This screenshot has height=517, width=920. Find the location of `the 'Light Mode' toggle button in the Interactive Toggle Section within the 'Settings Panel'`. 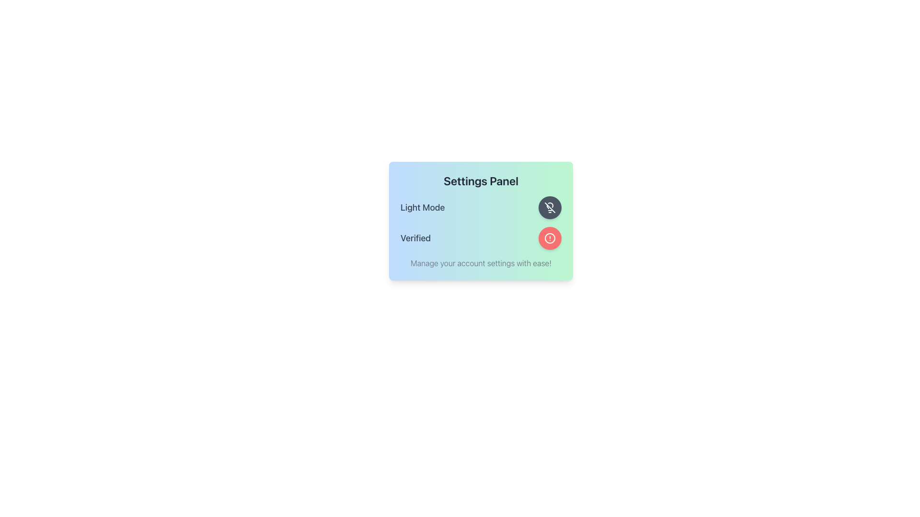

the 'Light Mode' toggle button in the Interactive Toggle Section within the 'Settings Panel' is located at coordinates (481, 207).